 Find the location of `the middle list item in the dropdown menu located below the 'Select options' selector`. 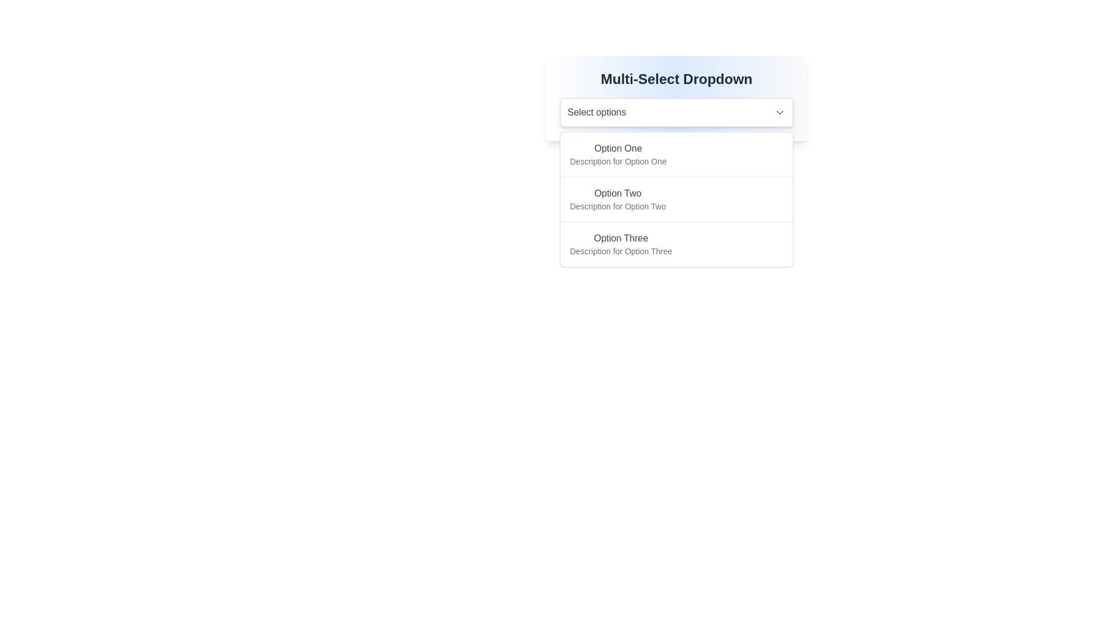

the middle list item in the dropdown menu located below the 'Select options' selector is located at coordinates (677, 199).